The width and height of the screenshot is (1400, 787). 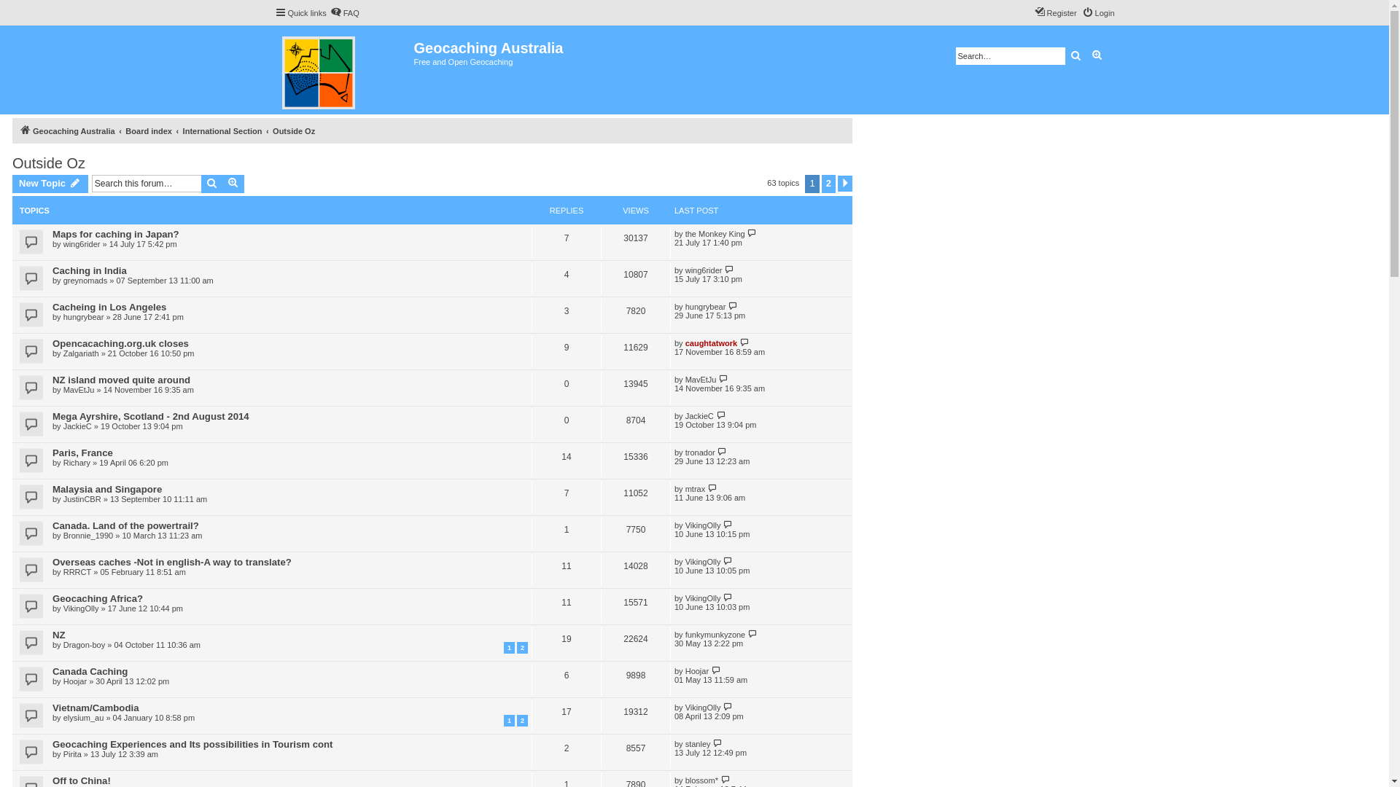 I want to click on 'RRRCT', so click(x=62, y=571).